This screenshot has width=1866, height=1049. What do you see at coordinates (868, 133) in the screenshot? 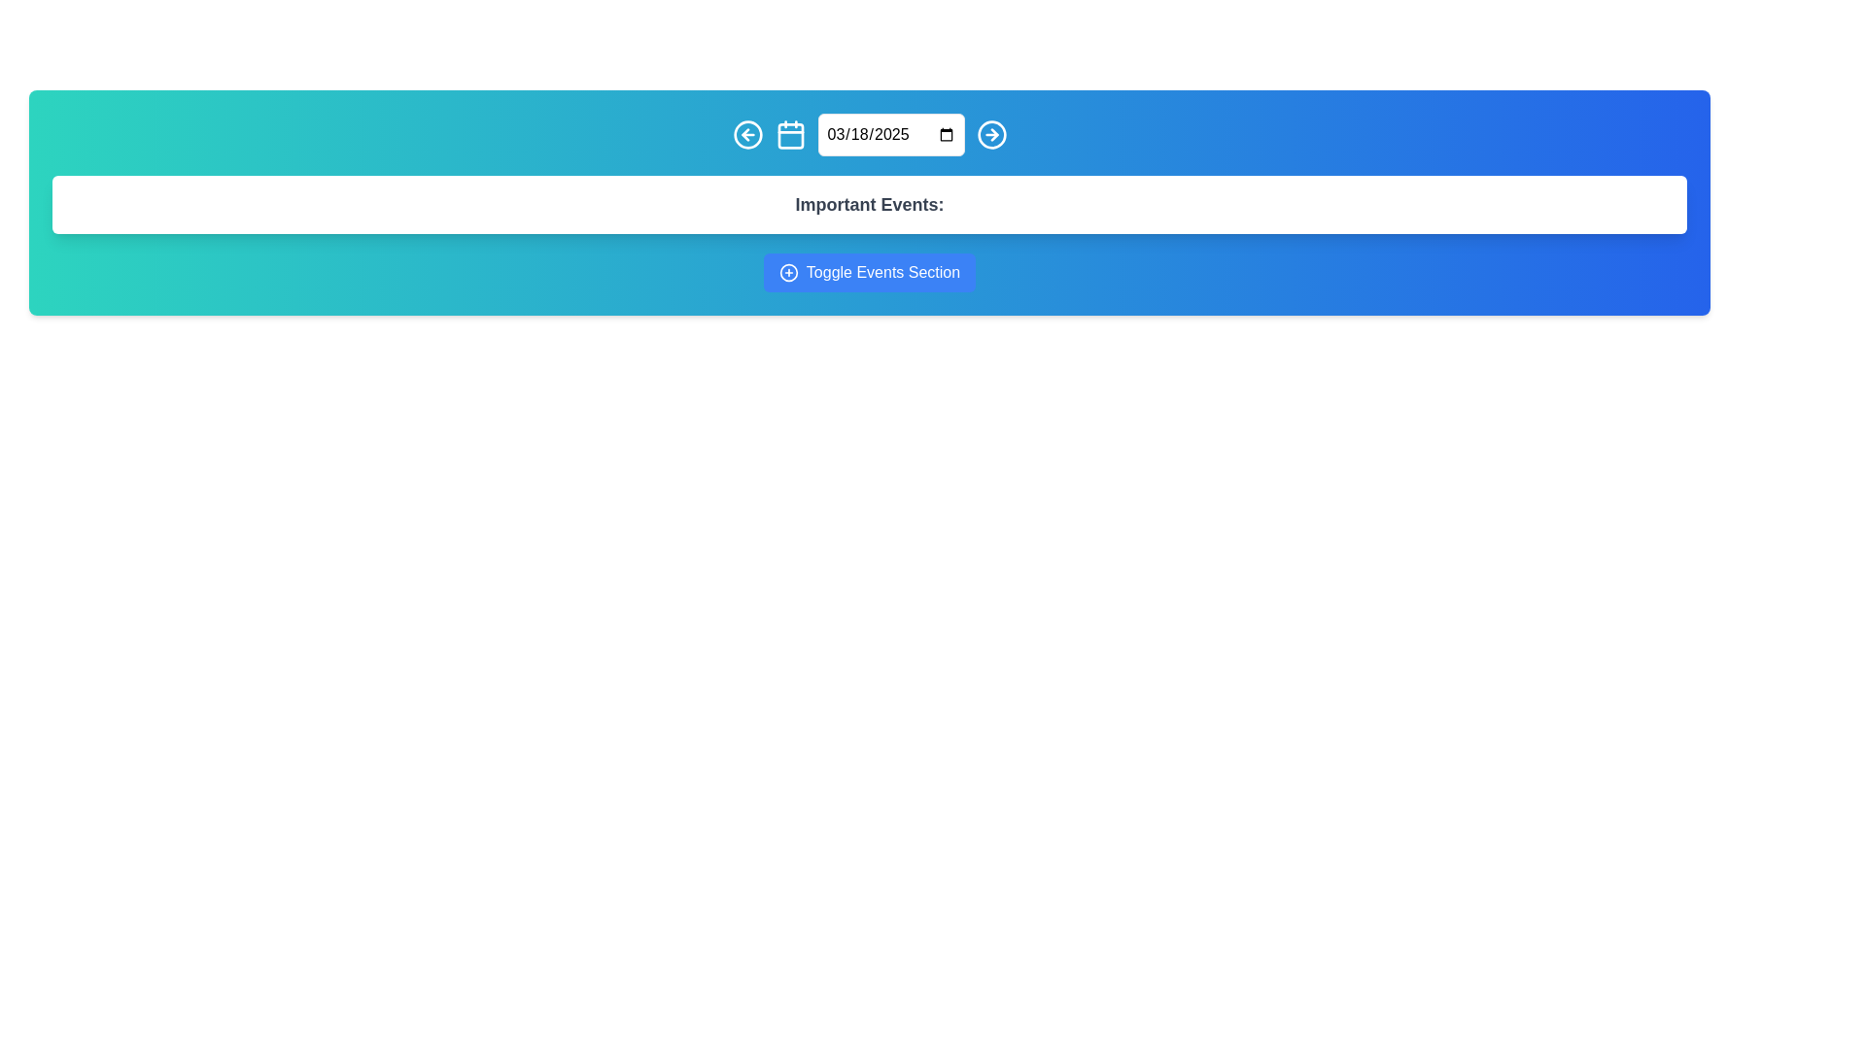
I see `the date picker input field to focus on it, which is the third interactive component from the left, located centrally above the main content area` at bounding box center [868, 133].